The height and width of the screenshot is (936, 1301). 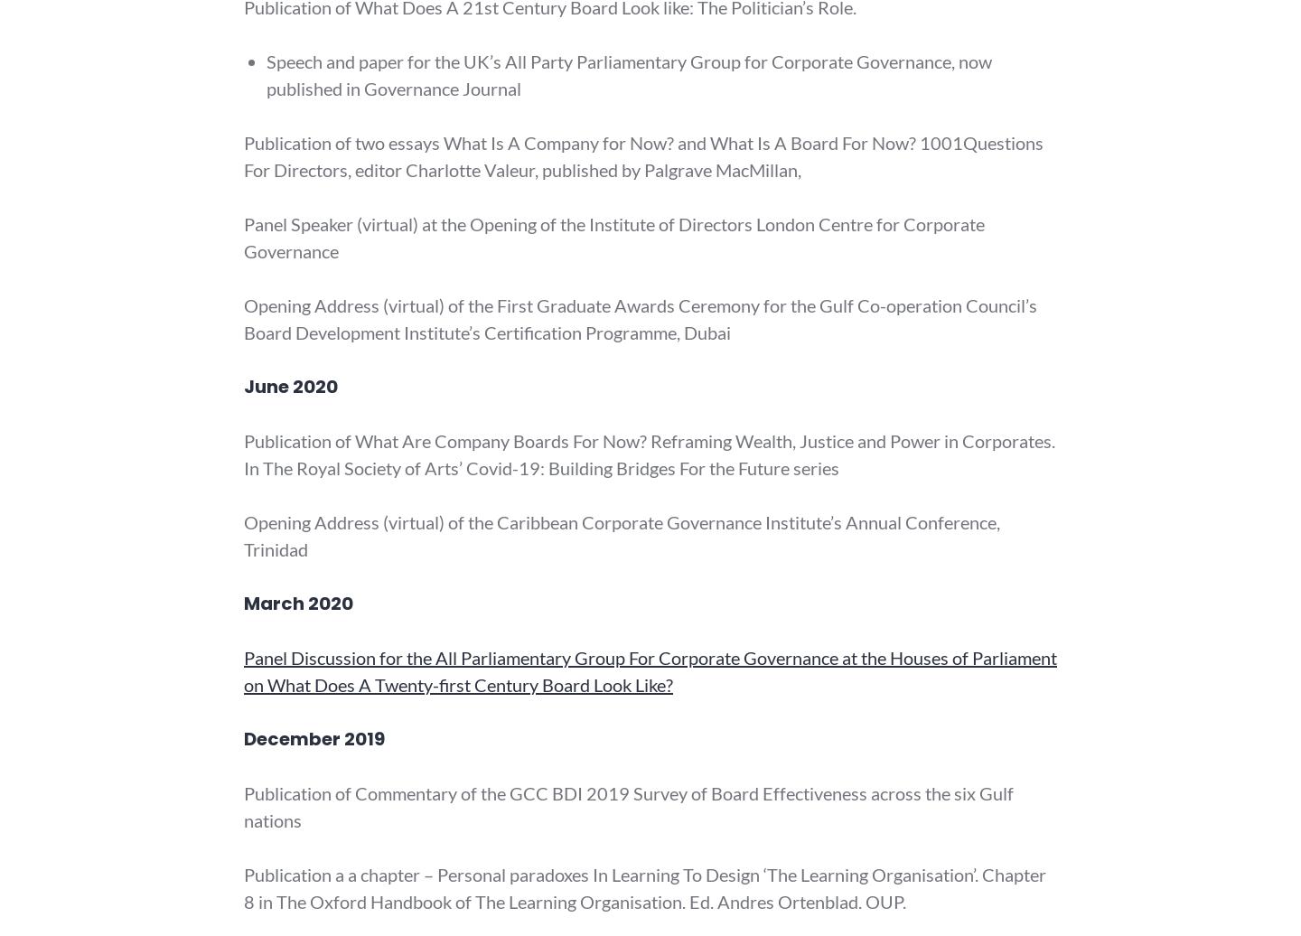 I want to click on 'Panel Speaker (virtual) at the Opening of the Institute of Directors London Centre for Corporate Governance', so click(x=613, y=238).